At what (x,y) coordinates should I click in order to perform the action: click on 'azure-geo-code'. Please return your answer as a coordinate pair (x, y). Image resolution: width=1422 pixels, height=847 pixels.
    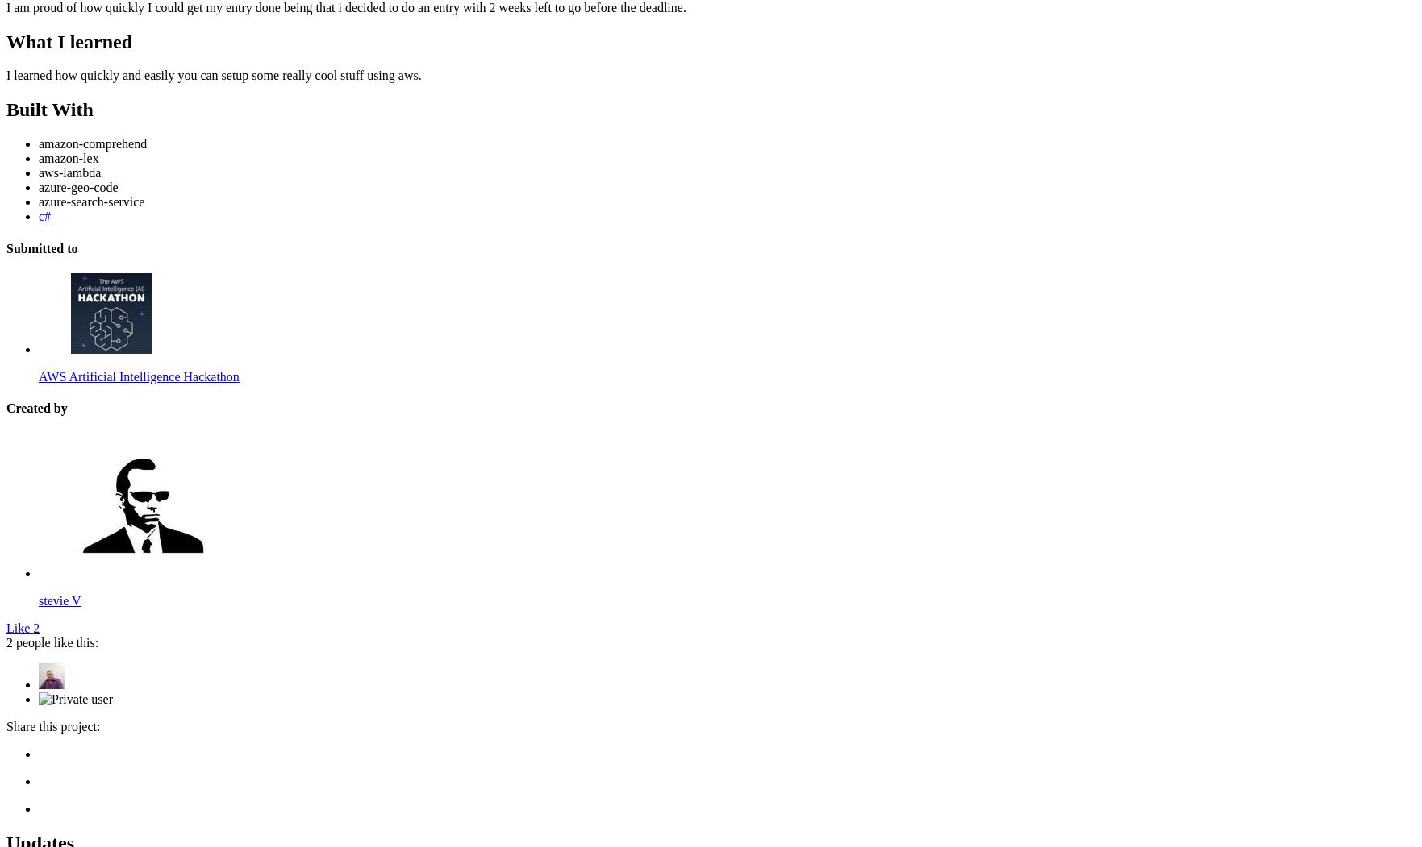
    Looking at the image, I should click on (77, 186).